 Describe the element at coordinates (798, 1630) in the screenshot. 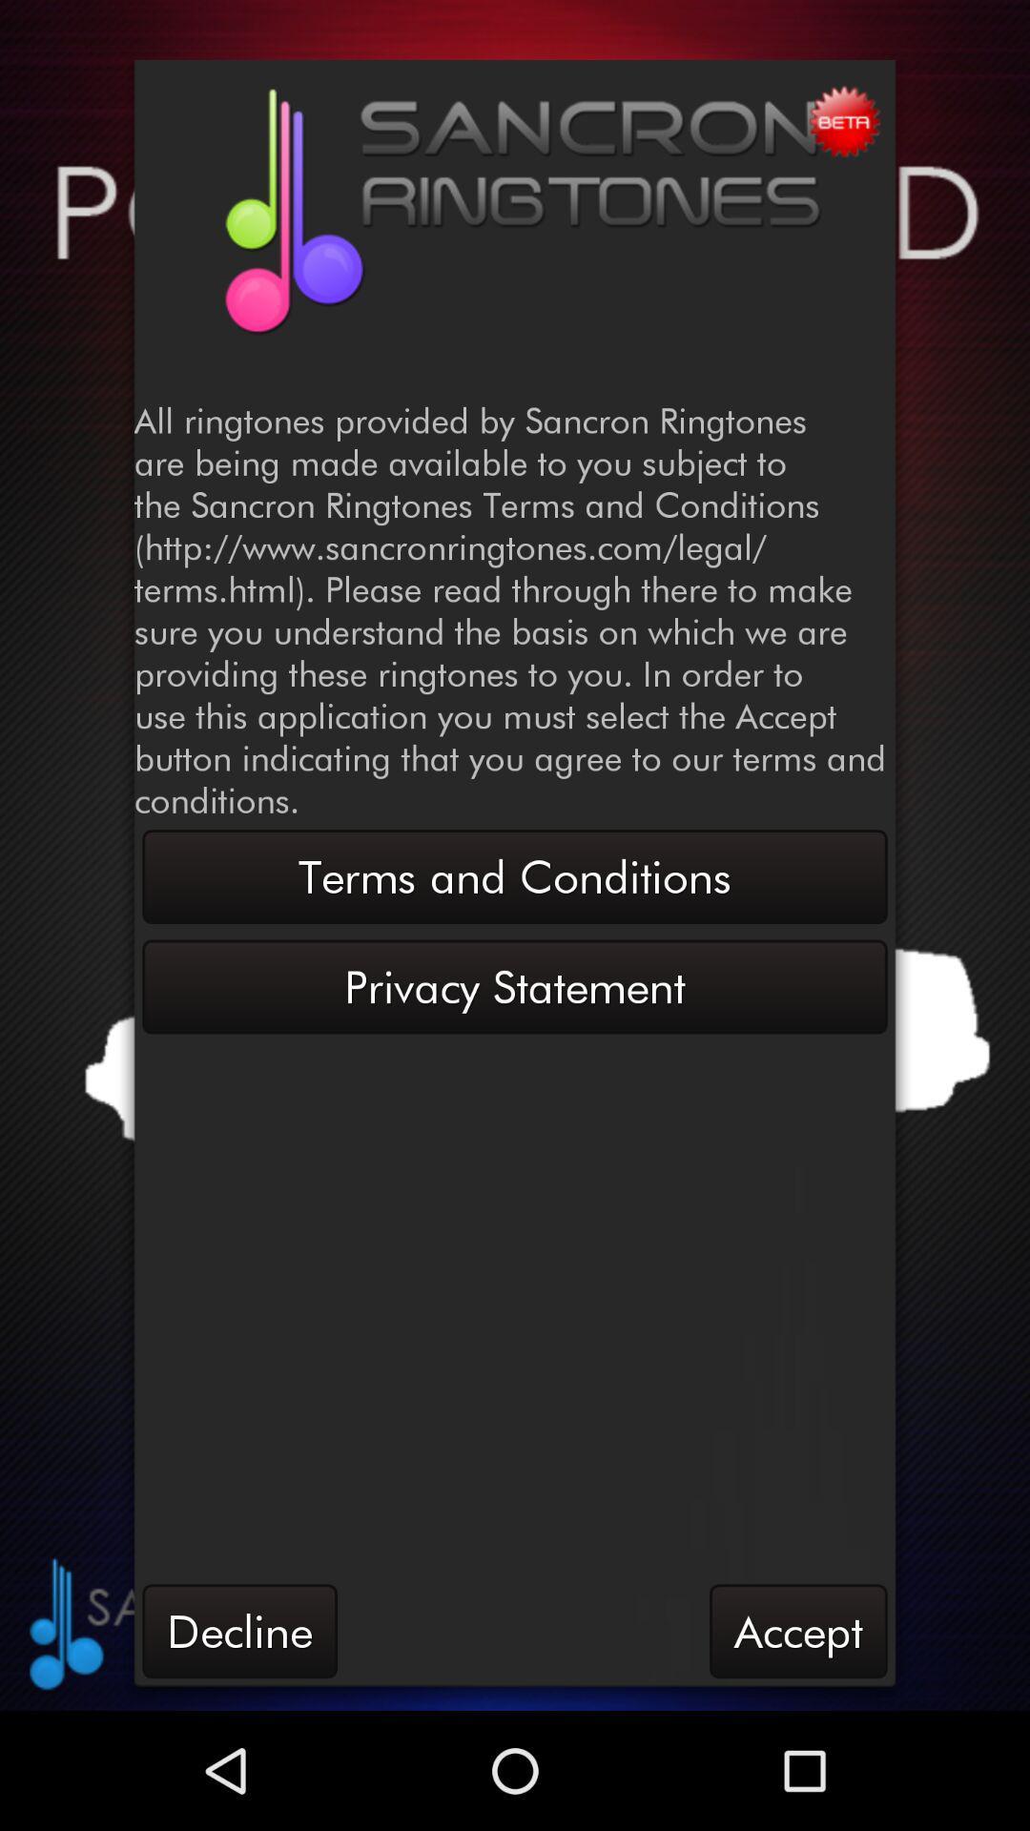

I see `item to the right of the decline icon` at that location.